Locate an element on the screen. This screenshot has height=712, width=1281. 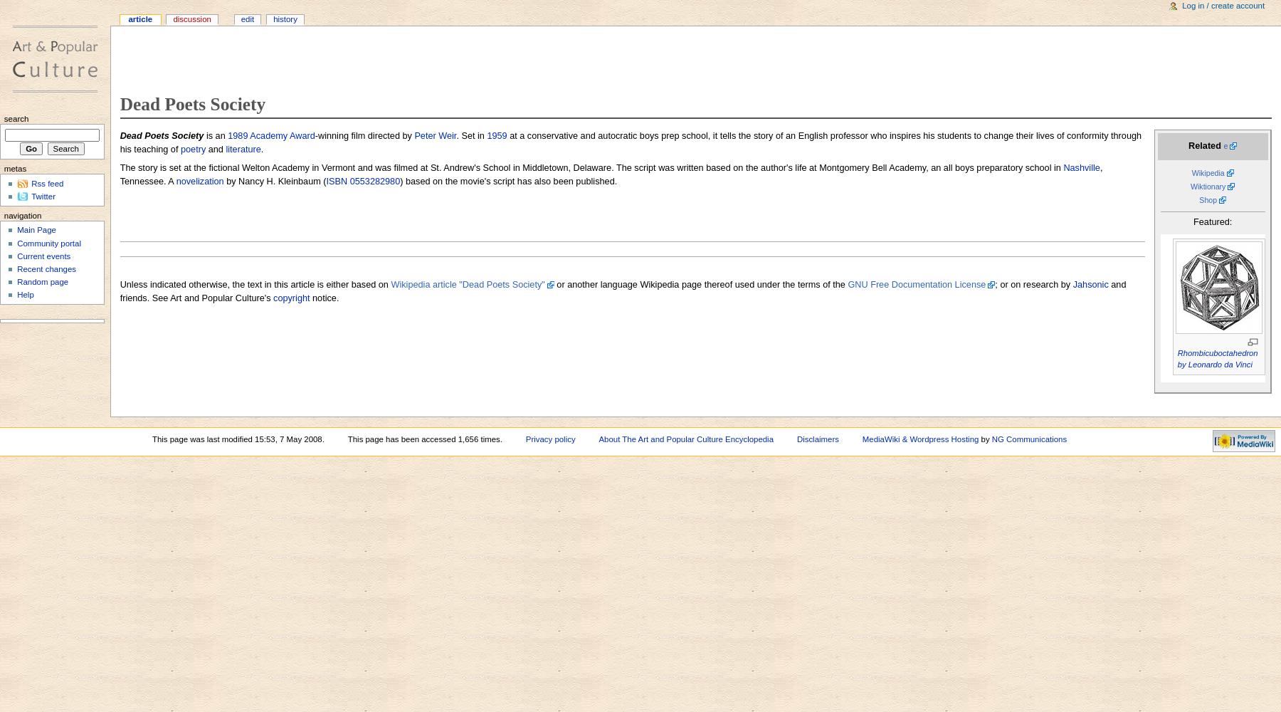
'Help' is located at coordinates (24, 295).